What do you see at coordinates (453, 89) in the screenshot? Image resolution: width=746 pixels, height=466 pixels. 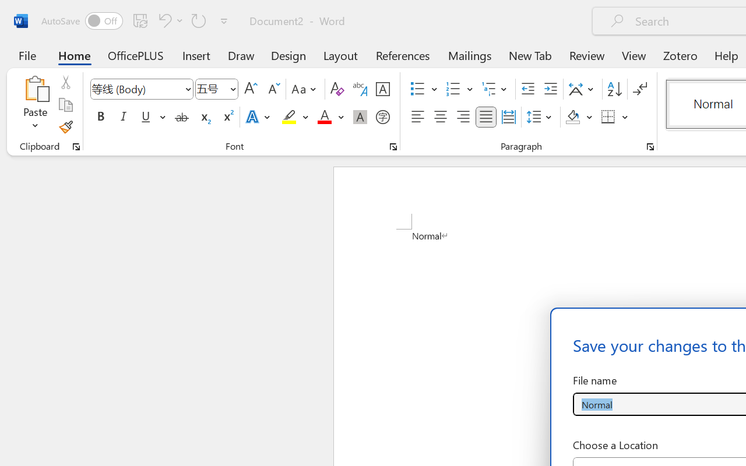 I see `'Numbering'` at bounding box center [453, 89].